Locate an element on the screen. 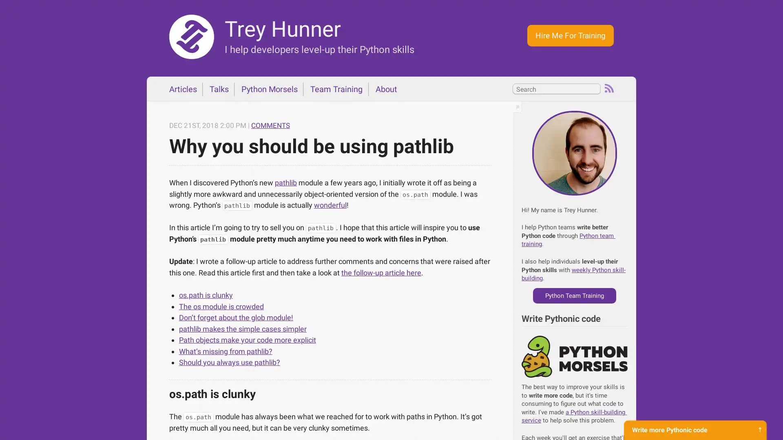 This screenshot has width=783, height=440. Sign up for Python Morsels tips is located at coordinates (695, 423).